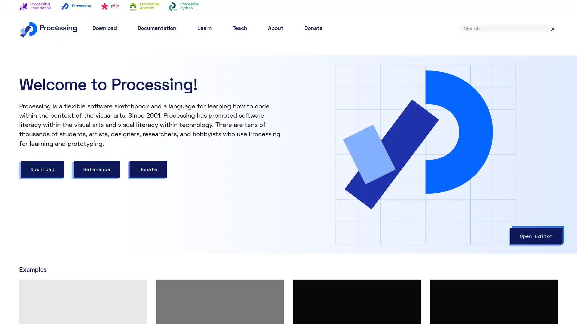 The image size is (577, 324). Describe the element at coordinates (350, 157) in the screenshot. I see `change position` at that location.